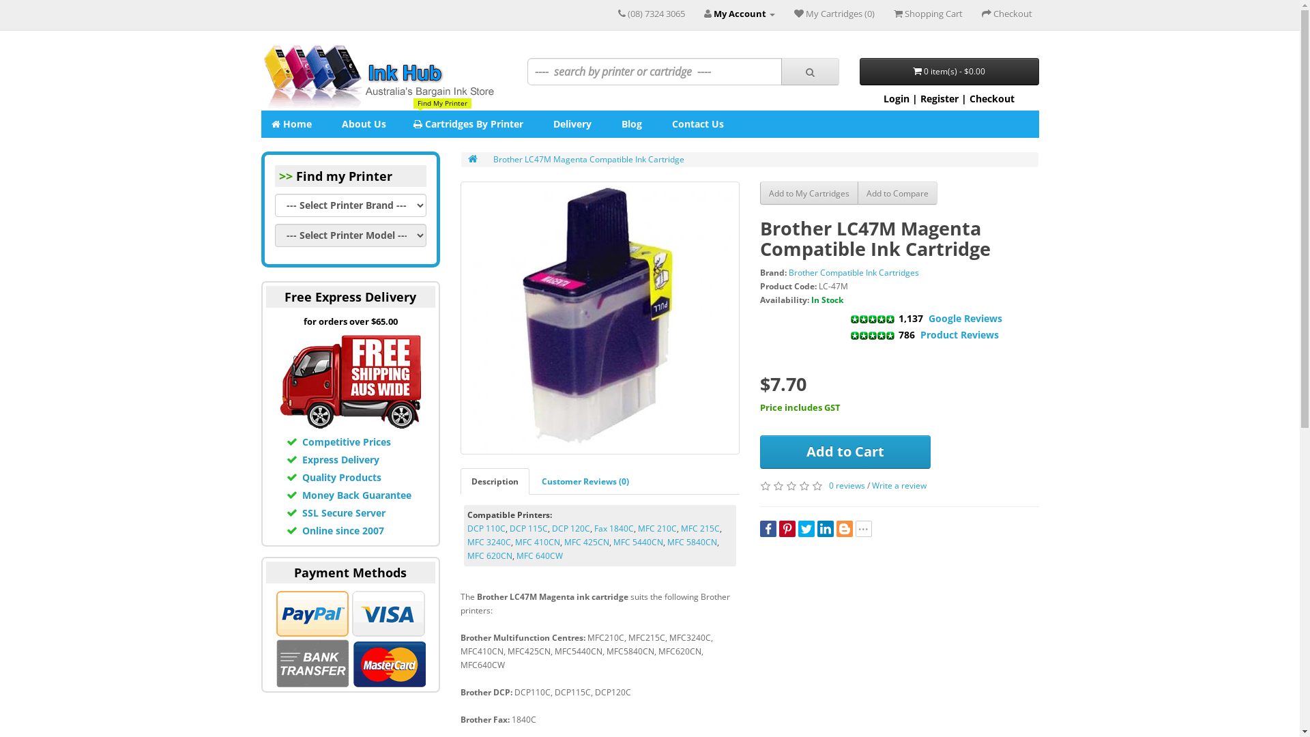 This screenshot has height=737, width=1310. Describe the element at coordinates (514, 541) in the screenshot. I see `'MFC 410CN'` at that location.